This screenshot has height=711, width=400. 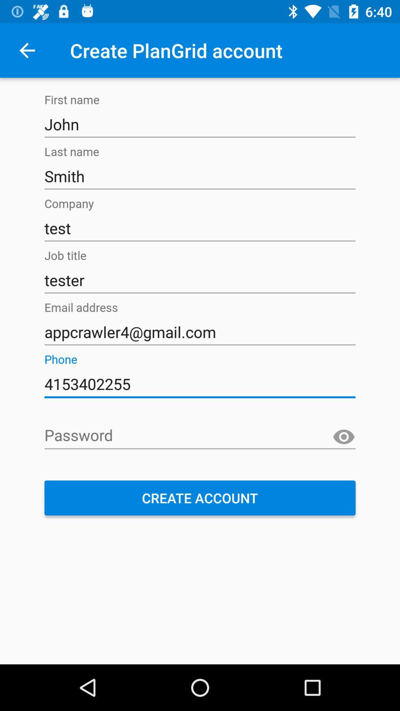 What do you see at coordinates (344, 437) in the screenshot?
I see `show password` at bounding box center [344, 437].